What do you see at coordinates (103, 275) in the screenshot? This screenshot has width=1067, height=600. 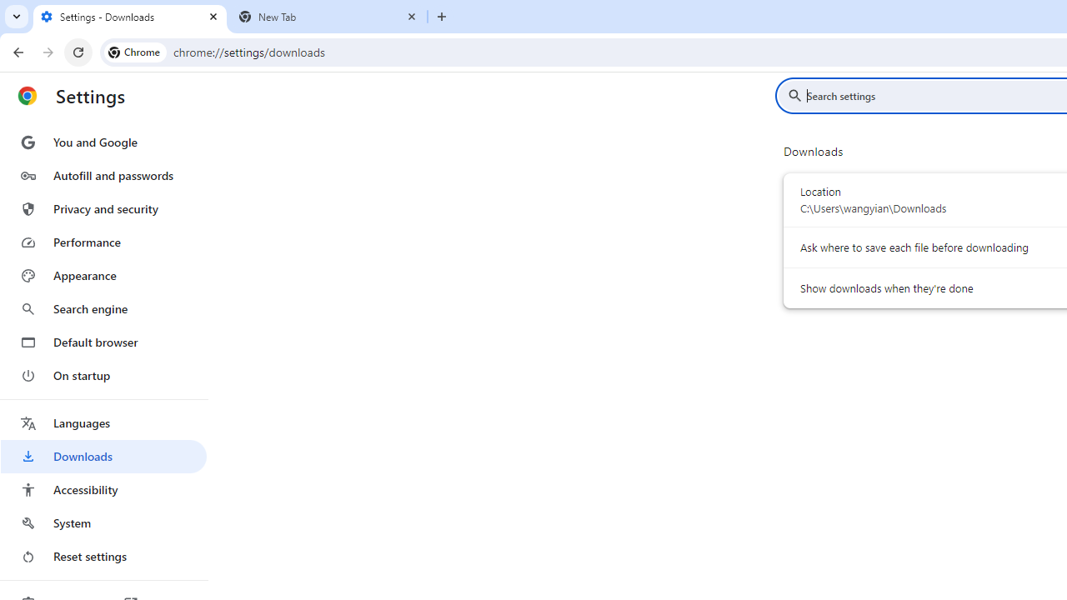 I see `'Appearance'` at bounding box center [103, 275].